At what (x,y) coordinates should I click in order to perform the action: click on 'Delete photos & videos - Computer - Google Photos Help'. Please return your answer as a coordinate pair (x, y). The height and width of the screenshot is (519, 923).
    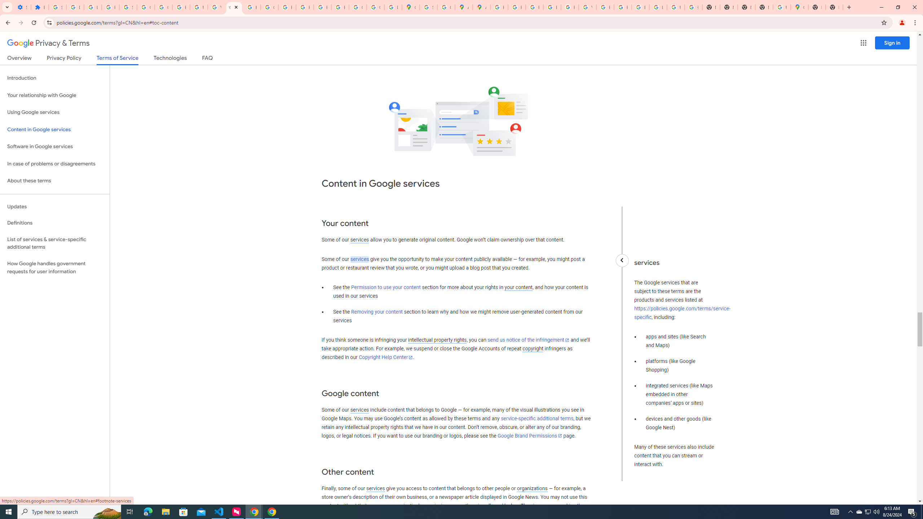
    Looking at the image, I should click on (75, 7).